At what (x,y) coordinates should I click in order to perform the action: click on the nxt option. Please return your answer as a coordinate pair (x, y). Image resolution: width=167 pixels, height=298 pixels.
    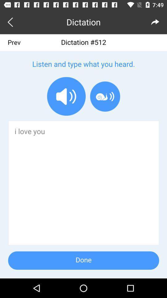
    Looking at the image, I should click on (155, 22).